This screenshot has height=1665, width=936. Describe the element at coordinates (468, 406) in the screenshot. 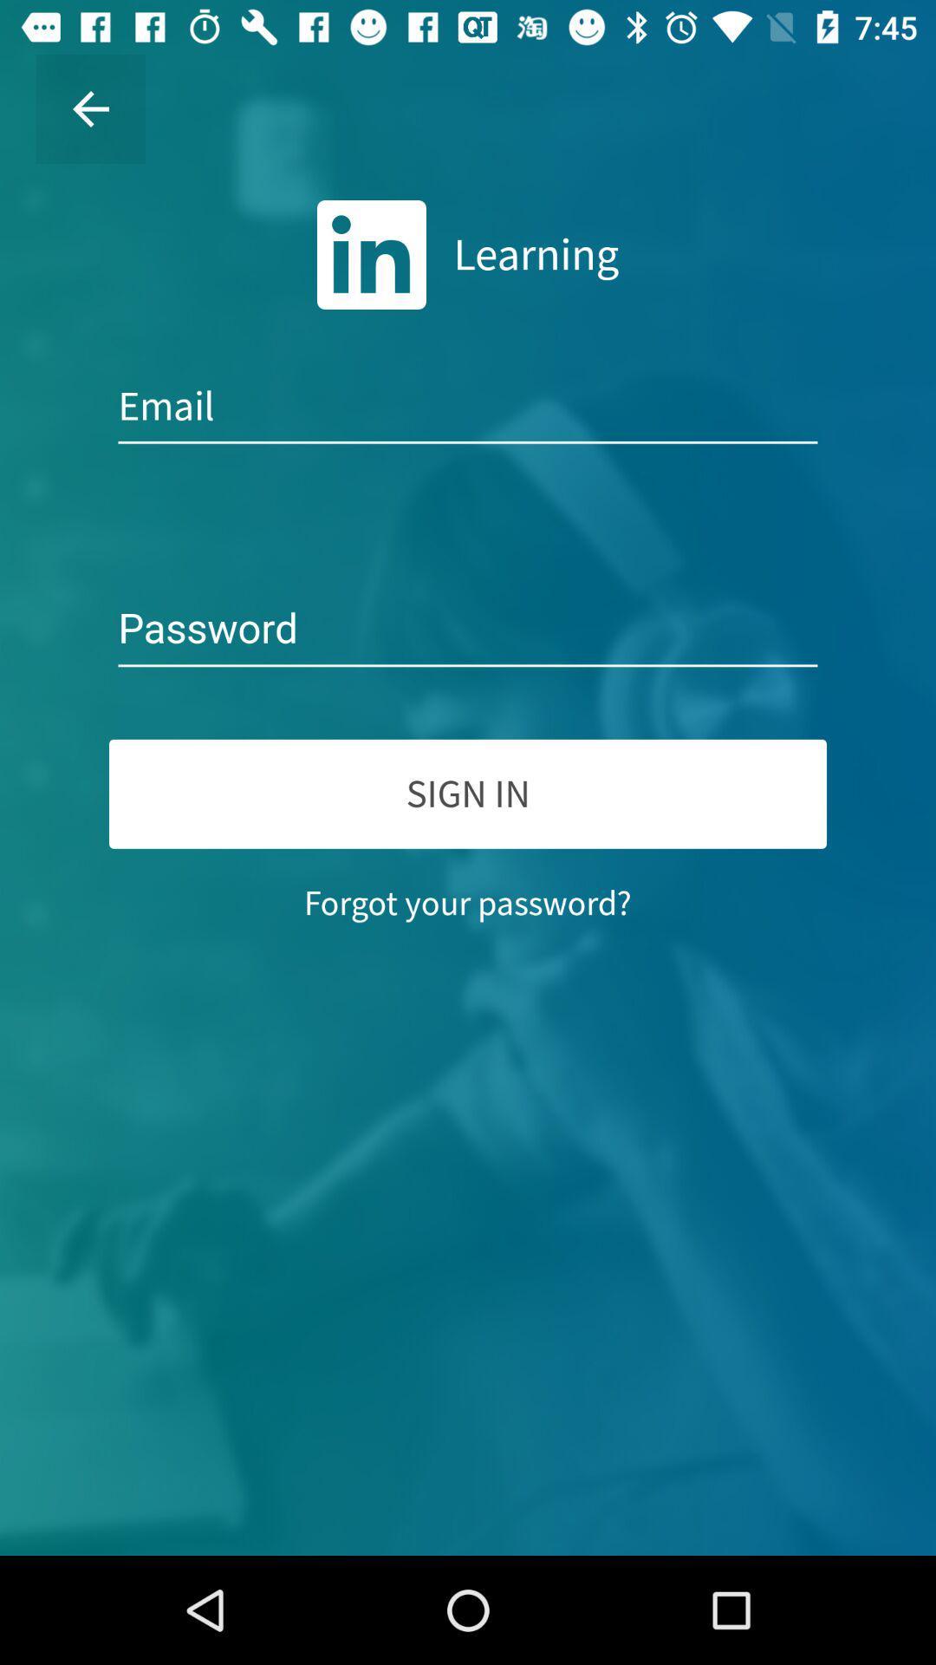

I see `the icon below learning` at that location.